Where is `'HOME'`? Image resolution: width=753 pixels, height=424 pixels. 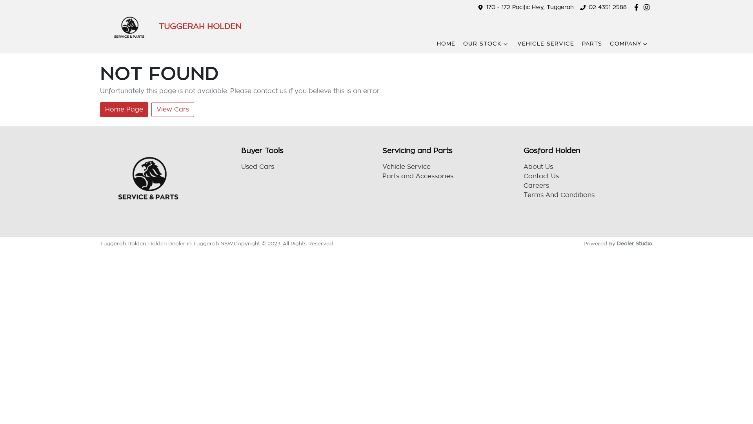
'HOME' is located at coordinates (446, 44).